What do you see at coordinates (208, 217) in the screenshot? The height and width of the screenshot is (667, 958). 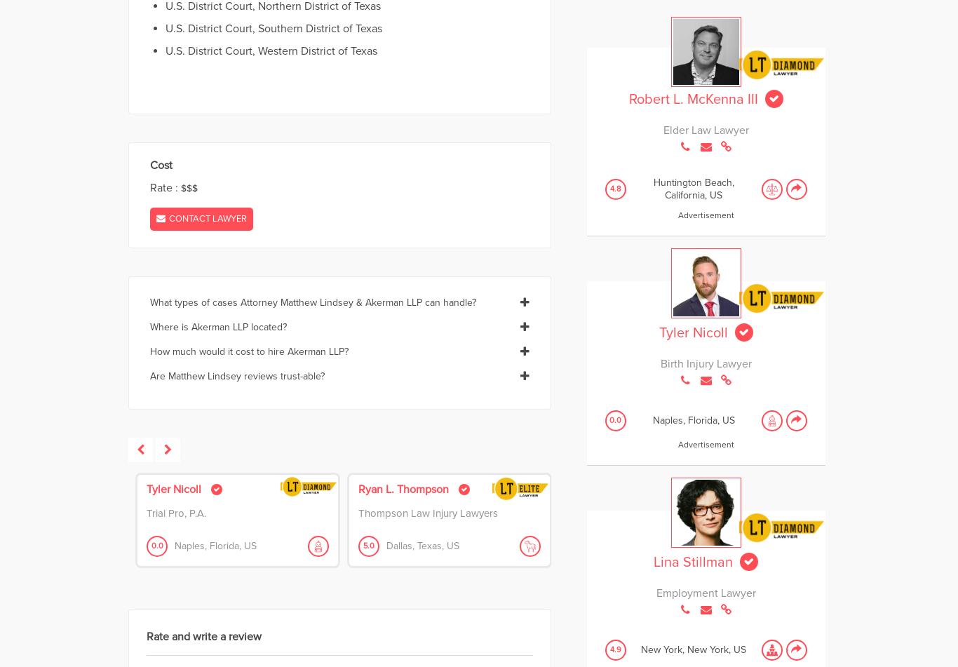 I see `'Contact Lawyer'` at bounding box center [208, 217].